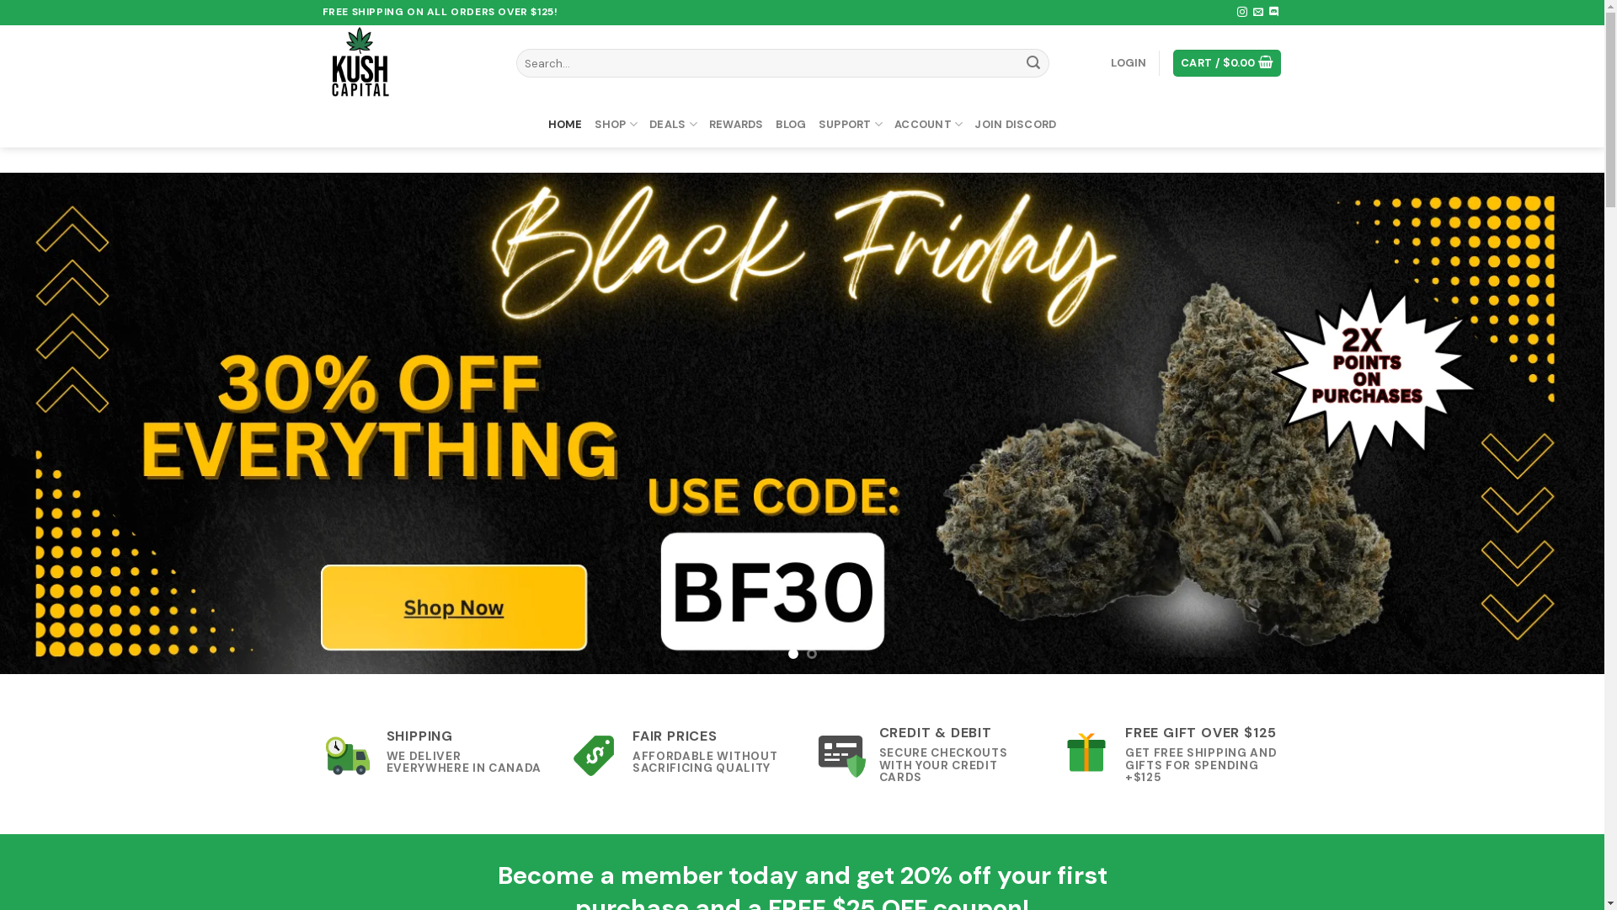 This screenshot has height=910, width=1617. What do you see at coordinates (790, 123) in the screenshot?
I see `'BLOG'` at bounding box center [790, 123].